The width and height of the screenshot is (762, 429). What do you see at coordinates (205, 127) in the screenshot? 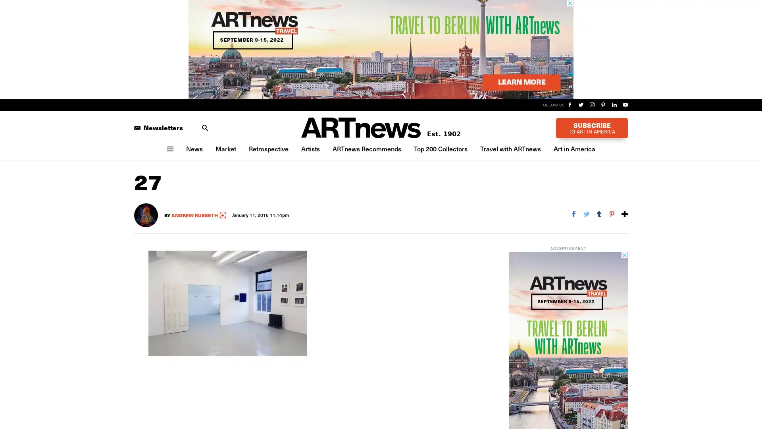
I see `Plus Icon Click to Expand Search Input` at bounding box center [205, 127].